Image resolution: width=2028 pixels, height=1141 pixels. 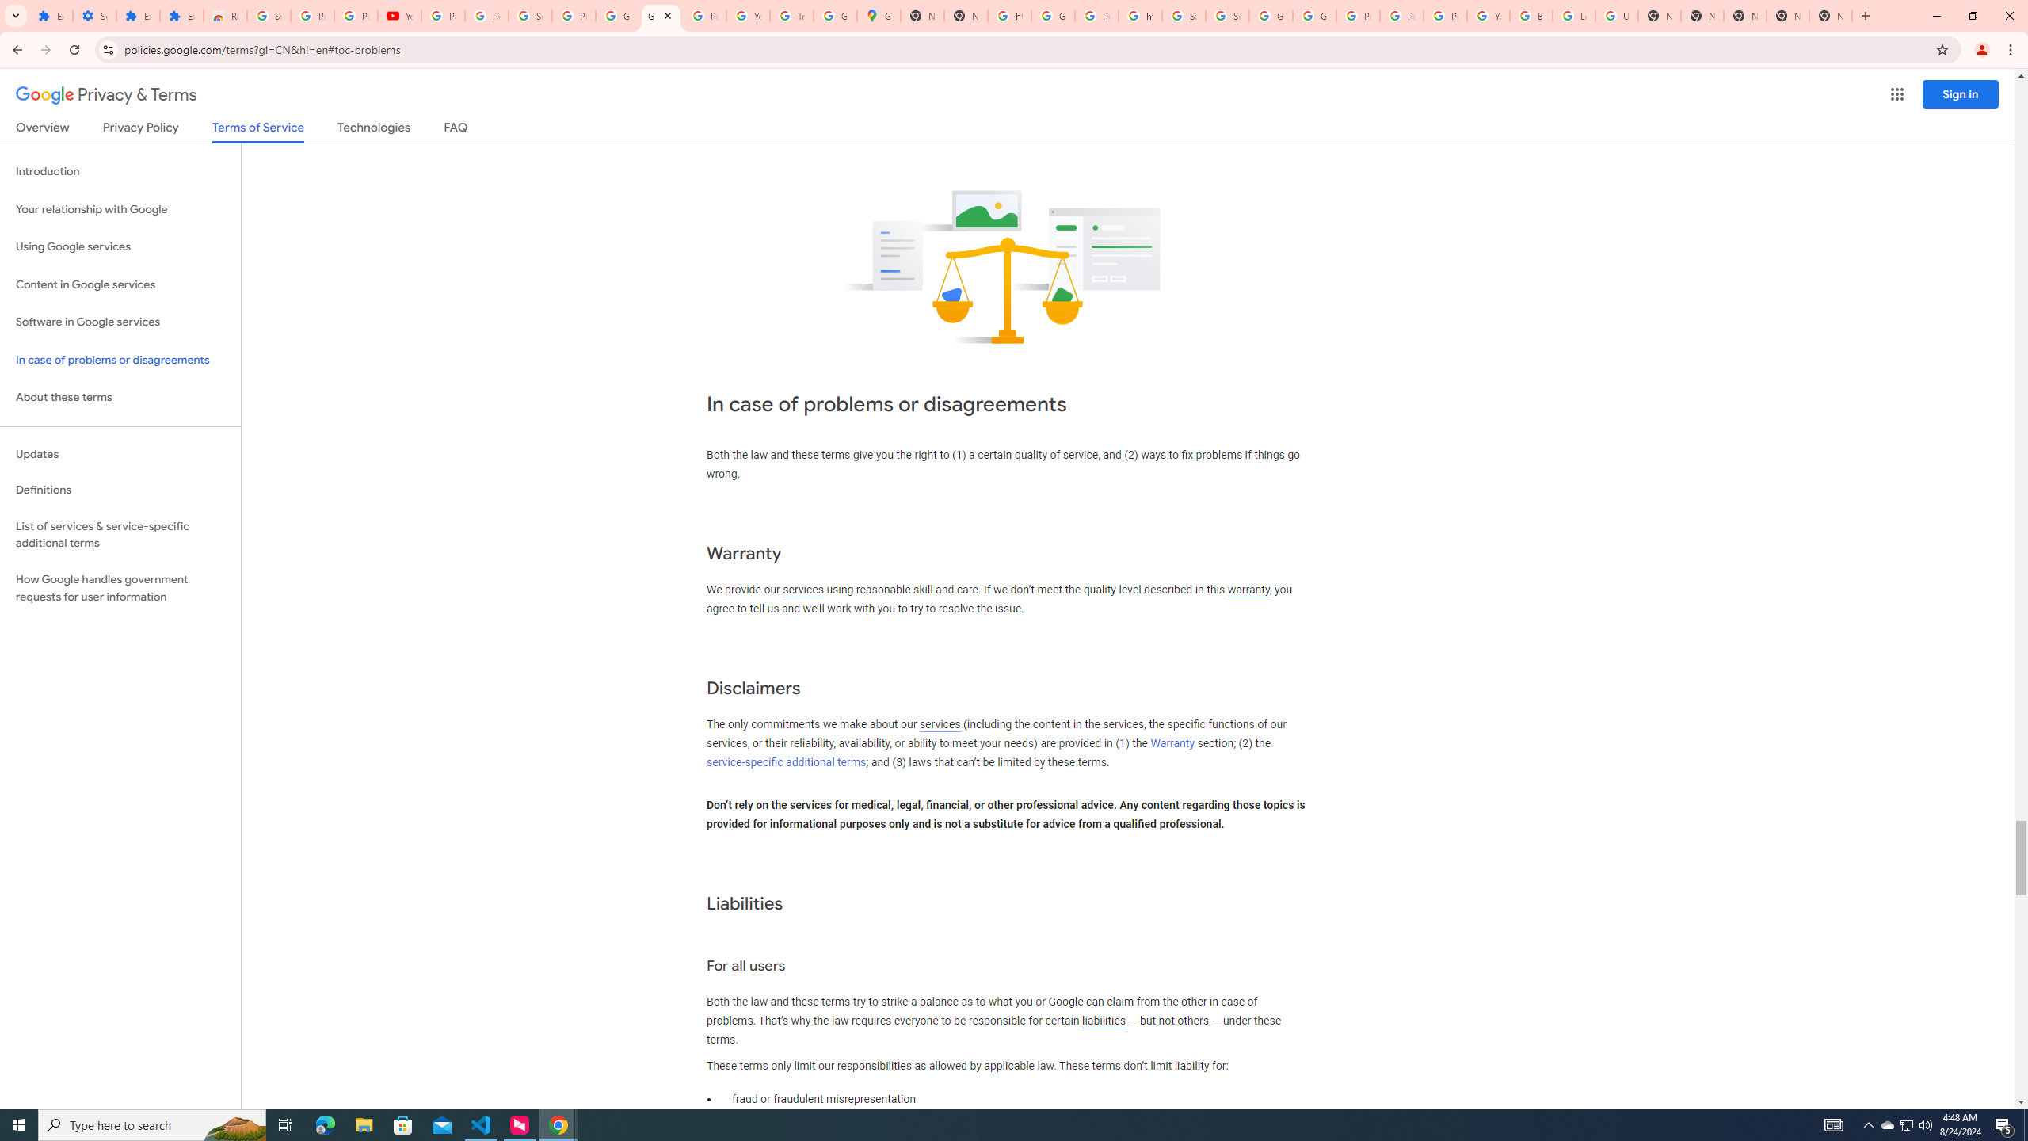 What do you see at coordinates (120, 209) in the screenshot?
I see `'Your relationship with Google'` at bounding box center [120, 209].